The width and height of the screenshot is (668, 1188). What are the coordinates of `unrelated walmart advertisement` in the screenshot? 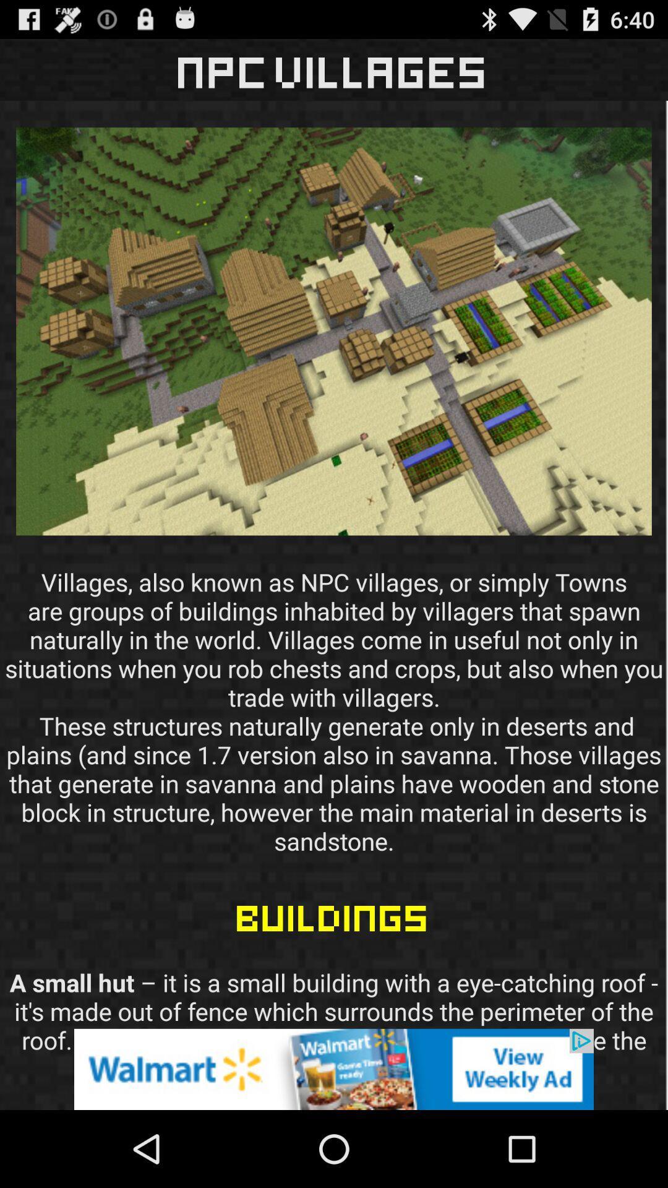 It's located at (334, 1069).